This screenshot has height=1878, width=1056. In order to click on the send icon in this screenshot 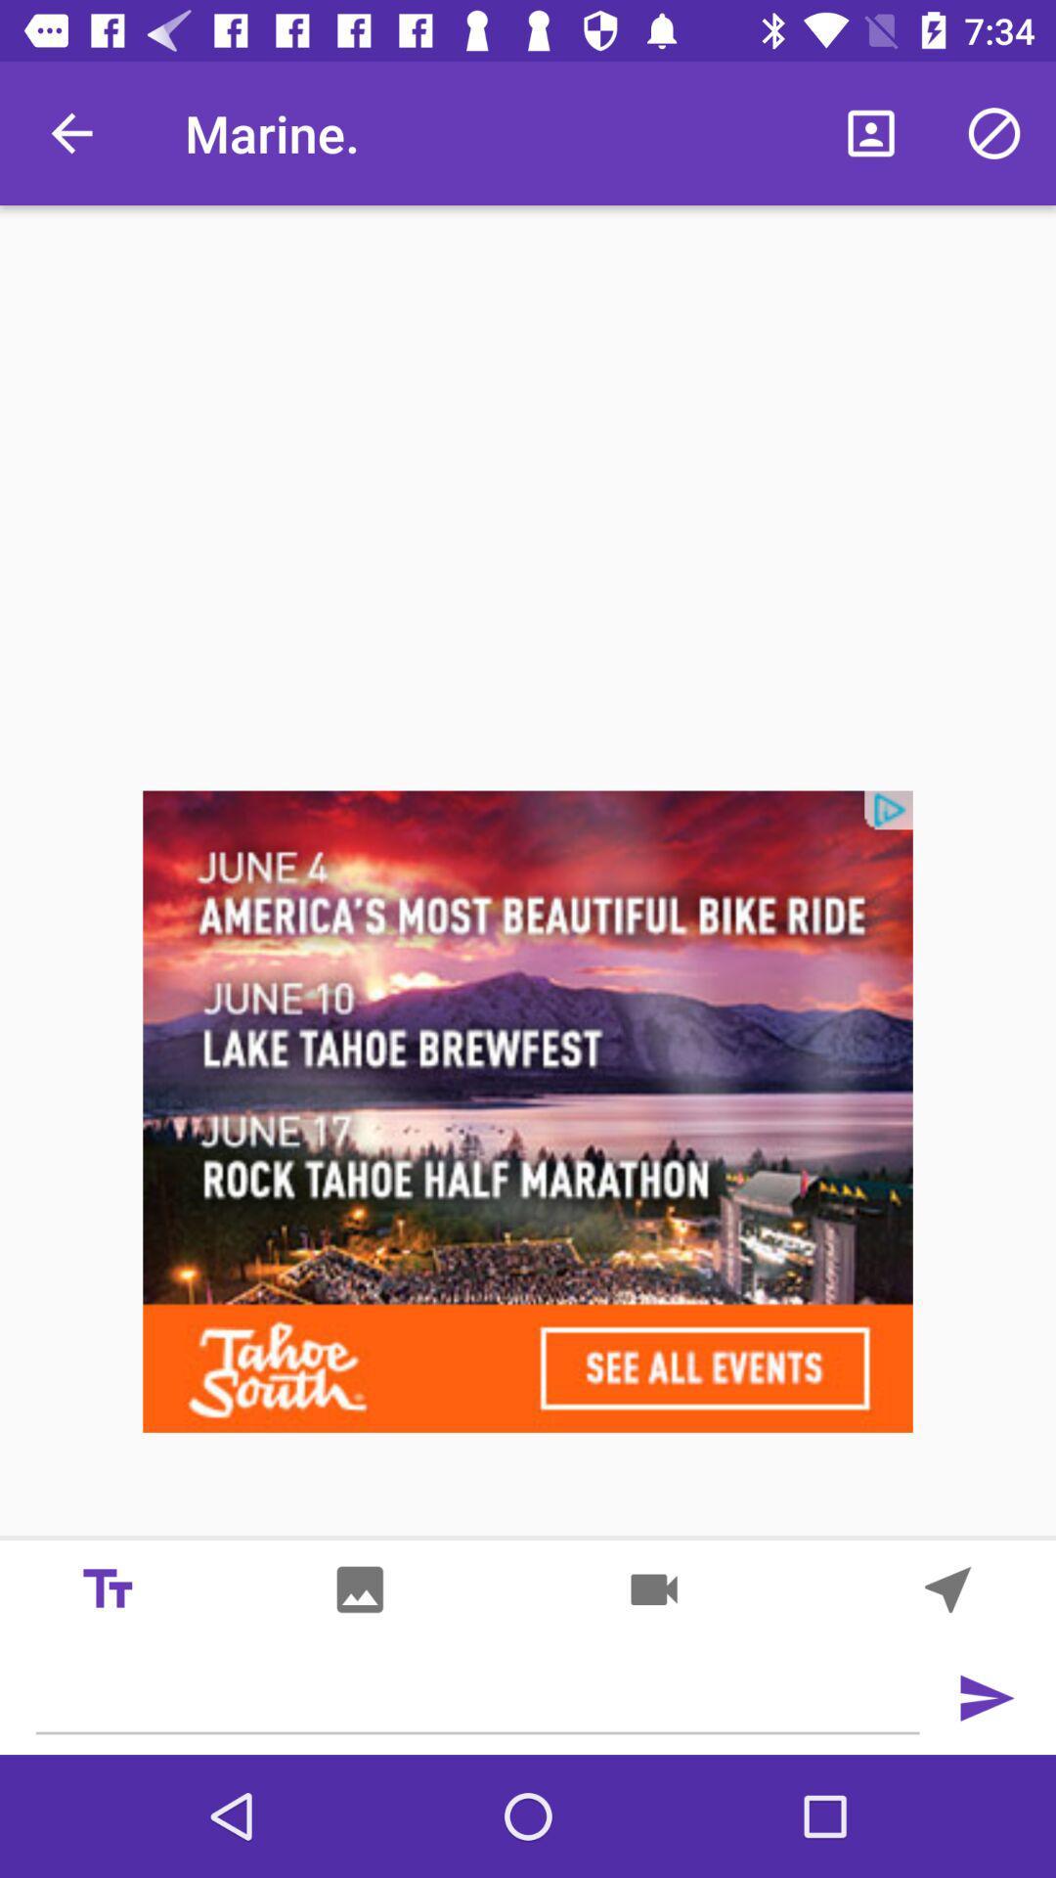, I will do `click(986, 1697)`.